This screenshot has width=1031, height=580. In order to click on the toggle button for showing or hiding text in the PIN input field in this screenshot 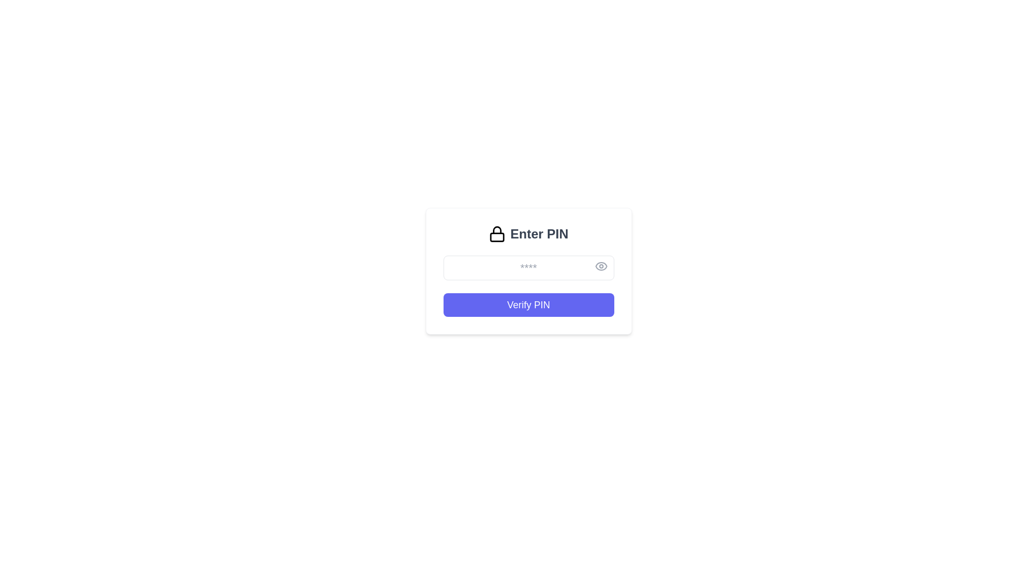, I will do `click(600, 266)`.